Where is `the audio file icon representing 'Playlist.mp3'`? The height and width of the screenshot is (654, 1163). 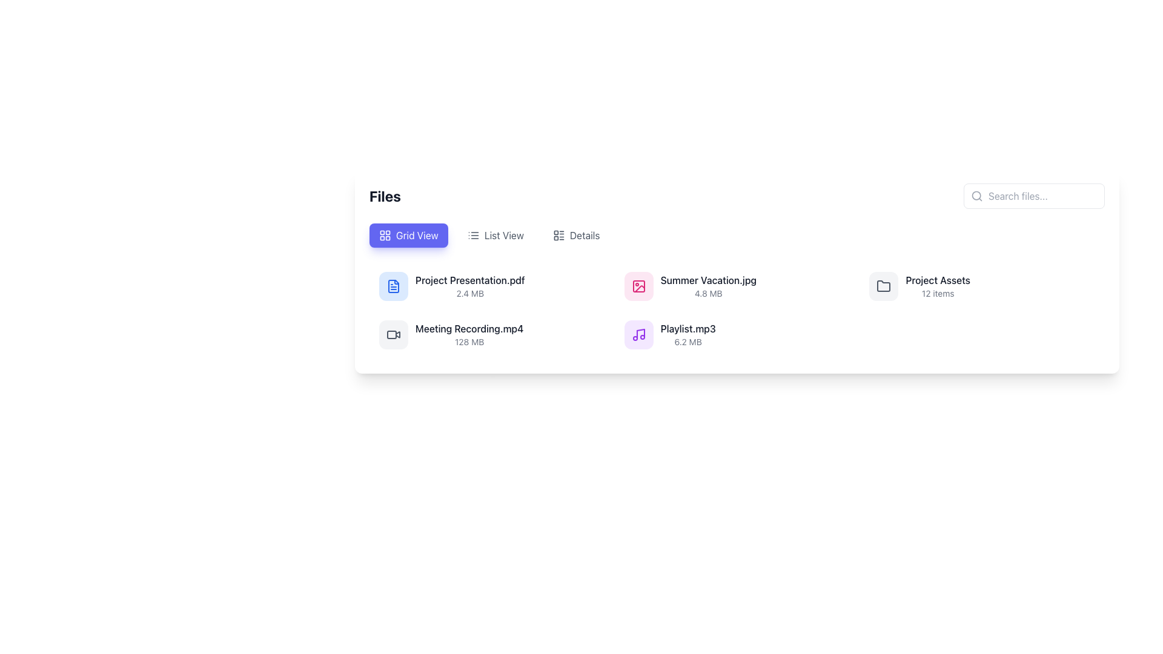
the audio file icon representing 'Playlist.mp3' is located at coordinates (638, 334).